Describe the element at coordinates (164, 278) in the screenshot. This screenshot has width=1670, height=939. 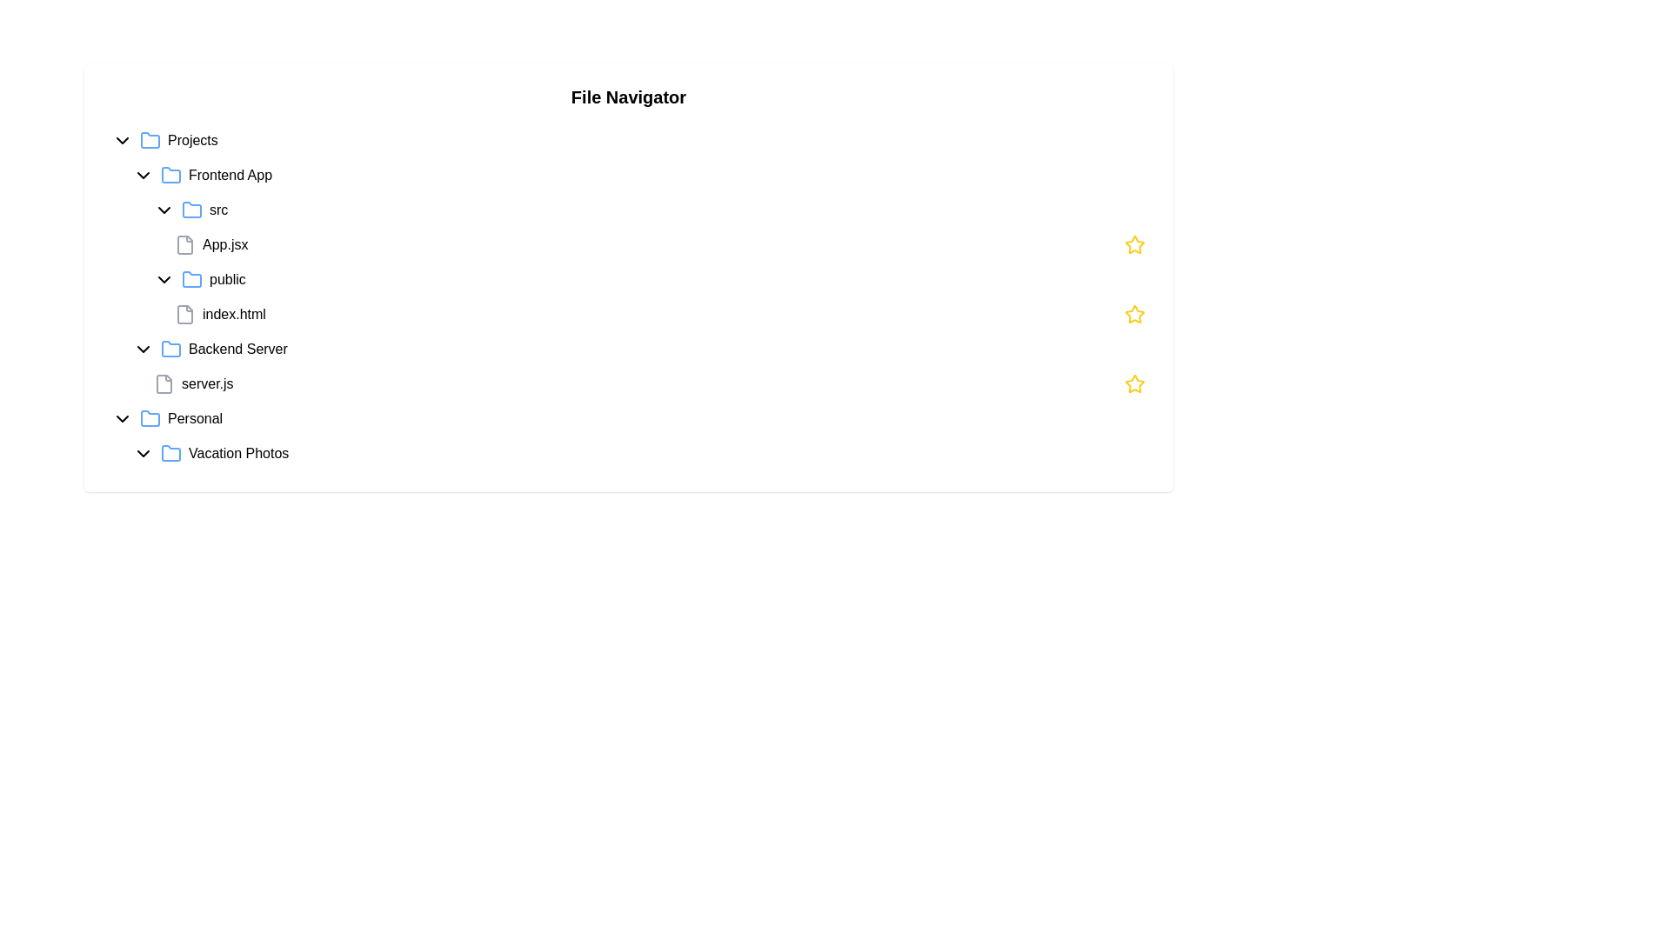
I see `the Chevron indicator toggle` at that location.